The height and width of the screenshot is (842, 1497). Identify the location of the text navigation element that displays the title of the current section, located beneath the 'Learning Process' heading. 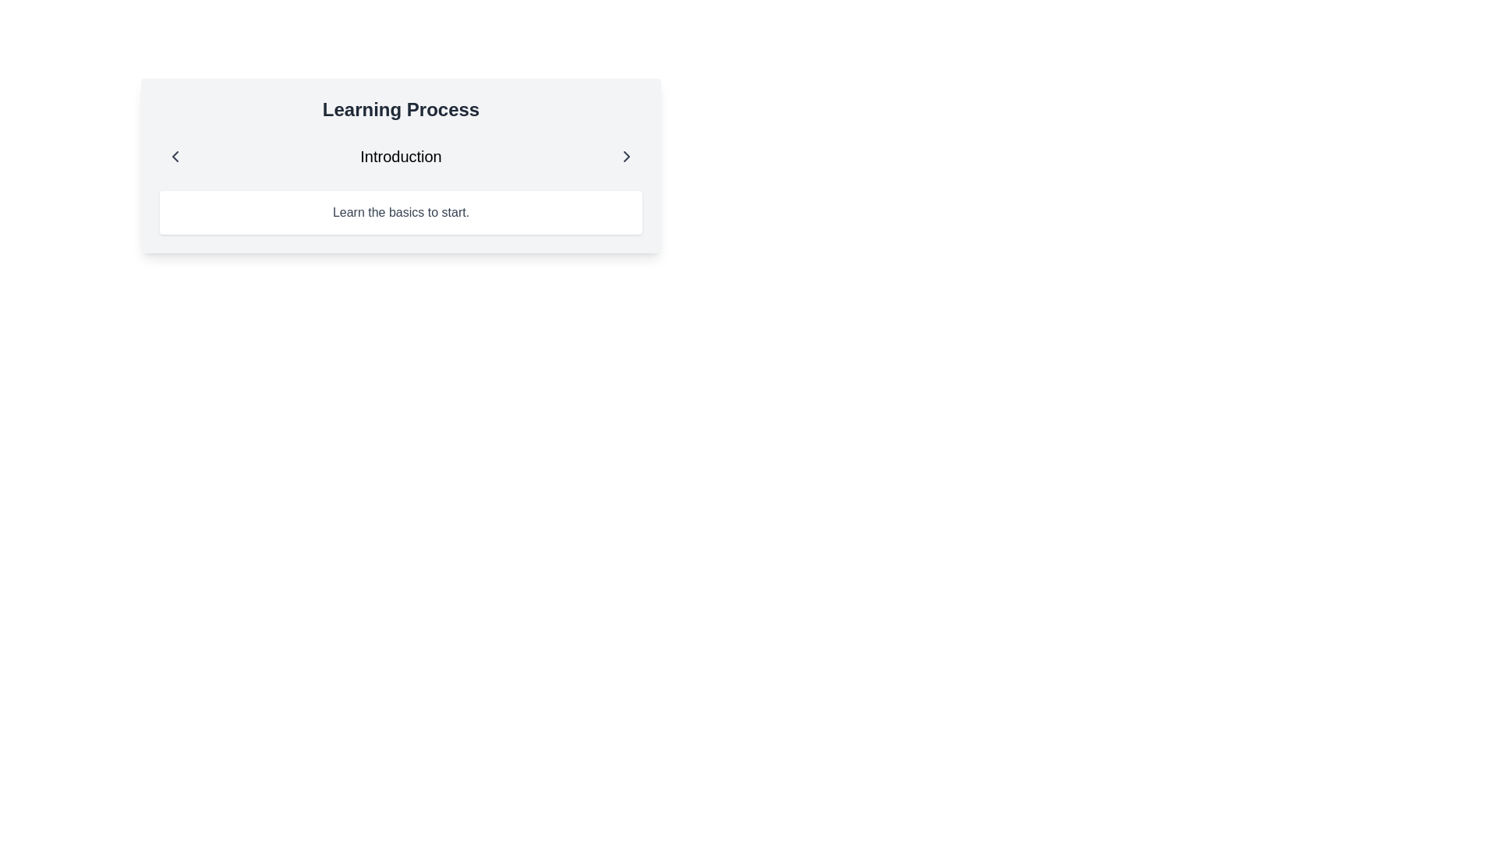
(401, 156).